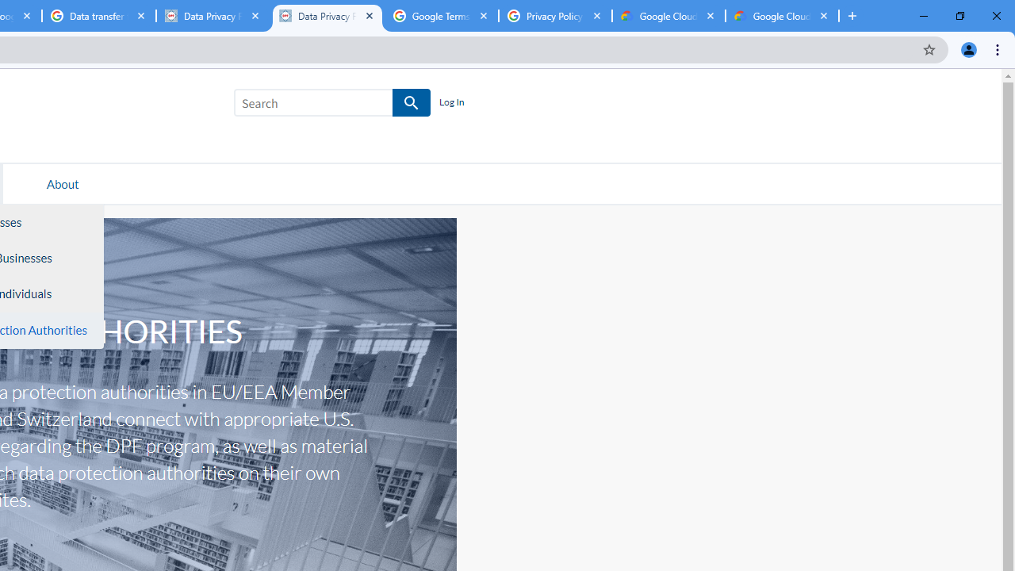 The image size is (1015, 571). Describe the element at coordinates (63, 182) in the screenshot. I see `'About'` at that location.